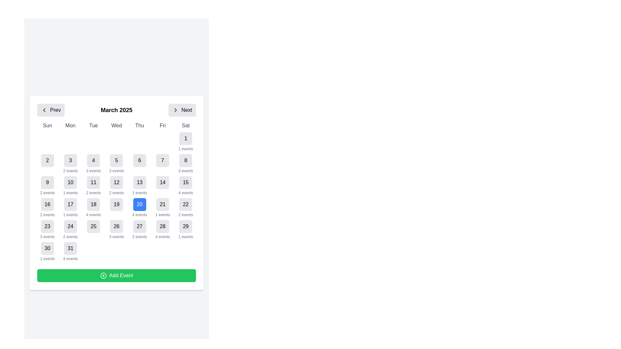  What do you see at coordinates (103, 275) in the screenshot?
I see `the circular SVG graphical element located at the center of the green button labeled 'Add Event'` at bounding box center [103, 275].